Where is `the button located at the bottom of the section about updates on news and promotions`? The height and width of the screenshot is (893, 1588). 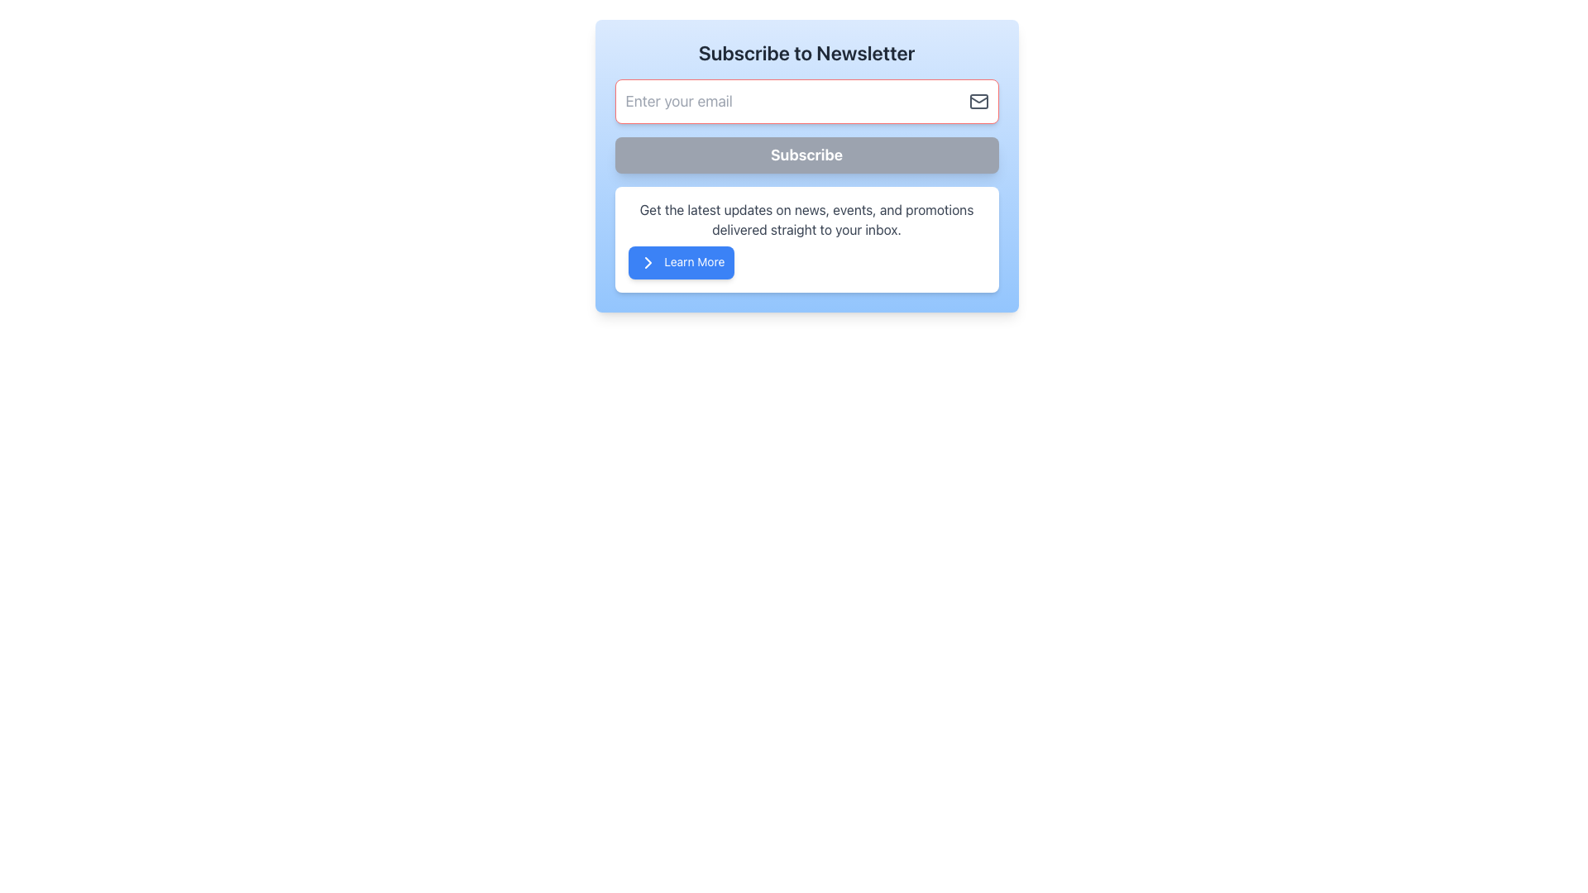
the button located at the bottom of the section about updates on news and promotions is located at coordinates (681, 261).